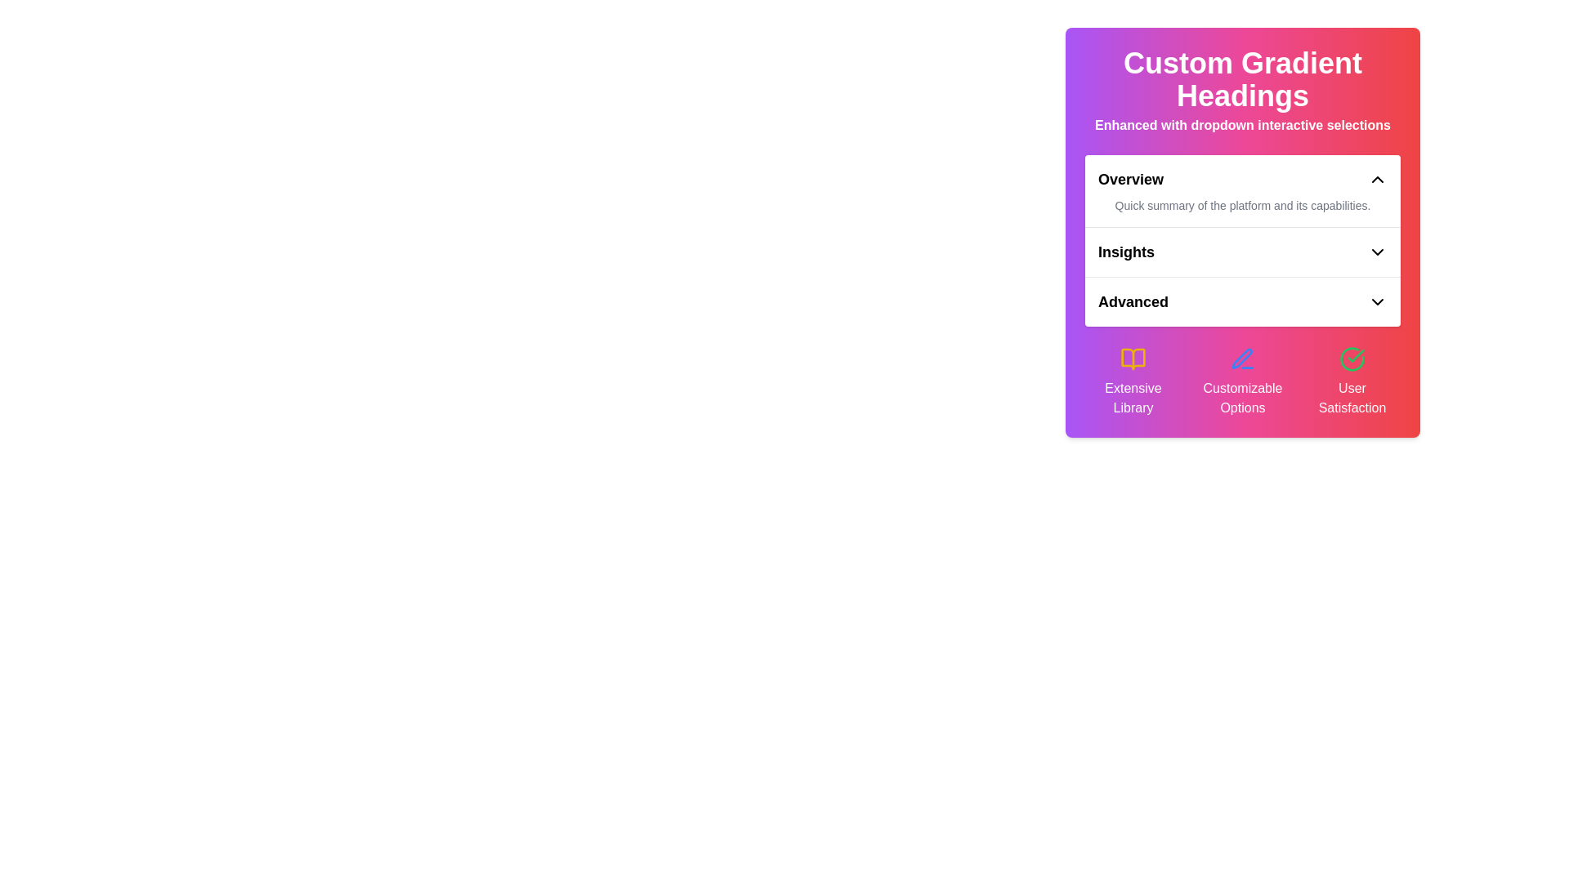 This screenshot has width=1569, height=882. Describe the element at coordinates (1242, 399) in the screenshot. I see `the static text label reading 'Customizable Options' which is styled with a white font on a vibrant pink and purple gradient background, located in the bottom-right quadrant of the interface card` at that location.